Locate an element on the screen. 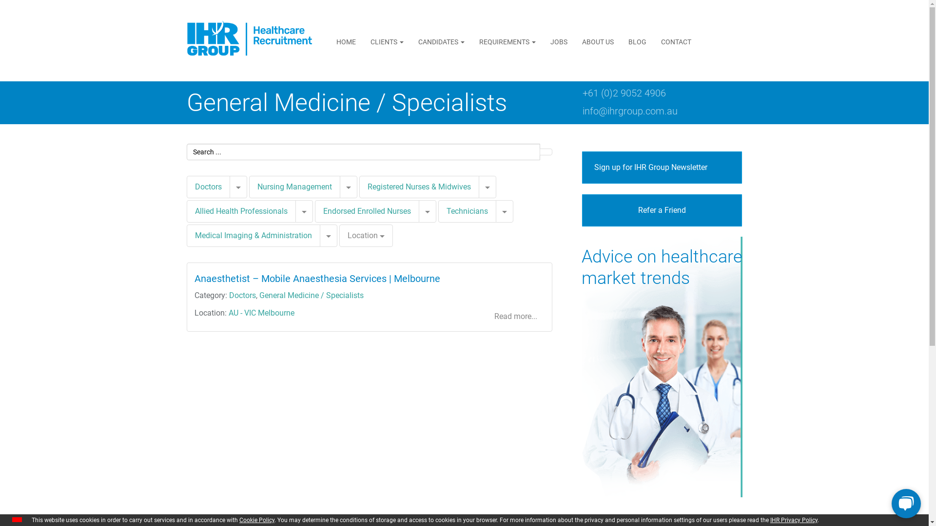  'IHR Privacy Policy' is located at coordinates (794, 520).